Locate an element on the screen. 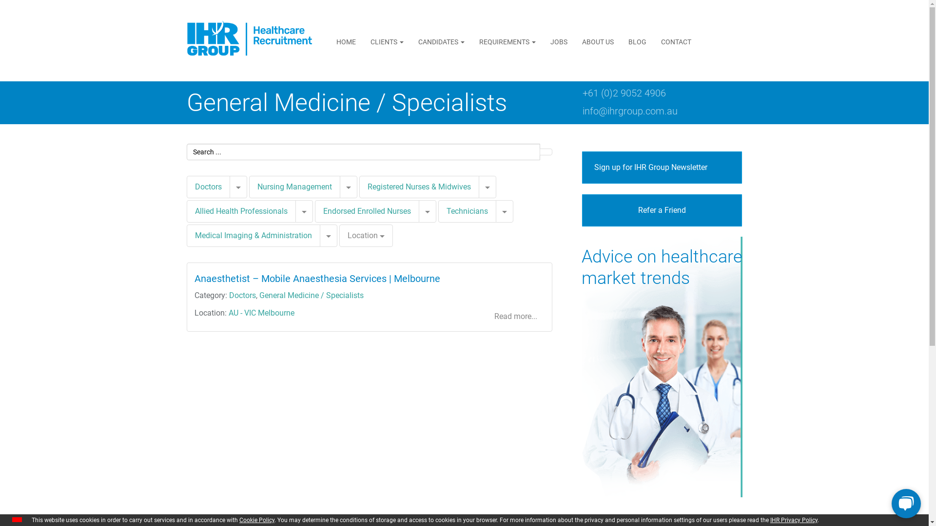  'IHR Privacy Policy' is located at coordinates (794, 520).